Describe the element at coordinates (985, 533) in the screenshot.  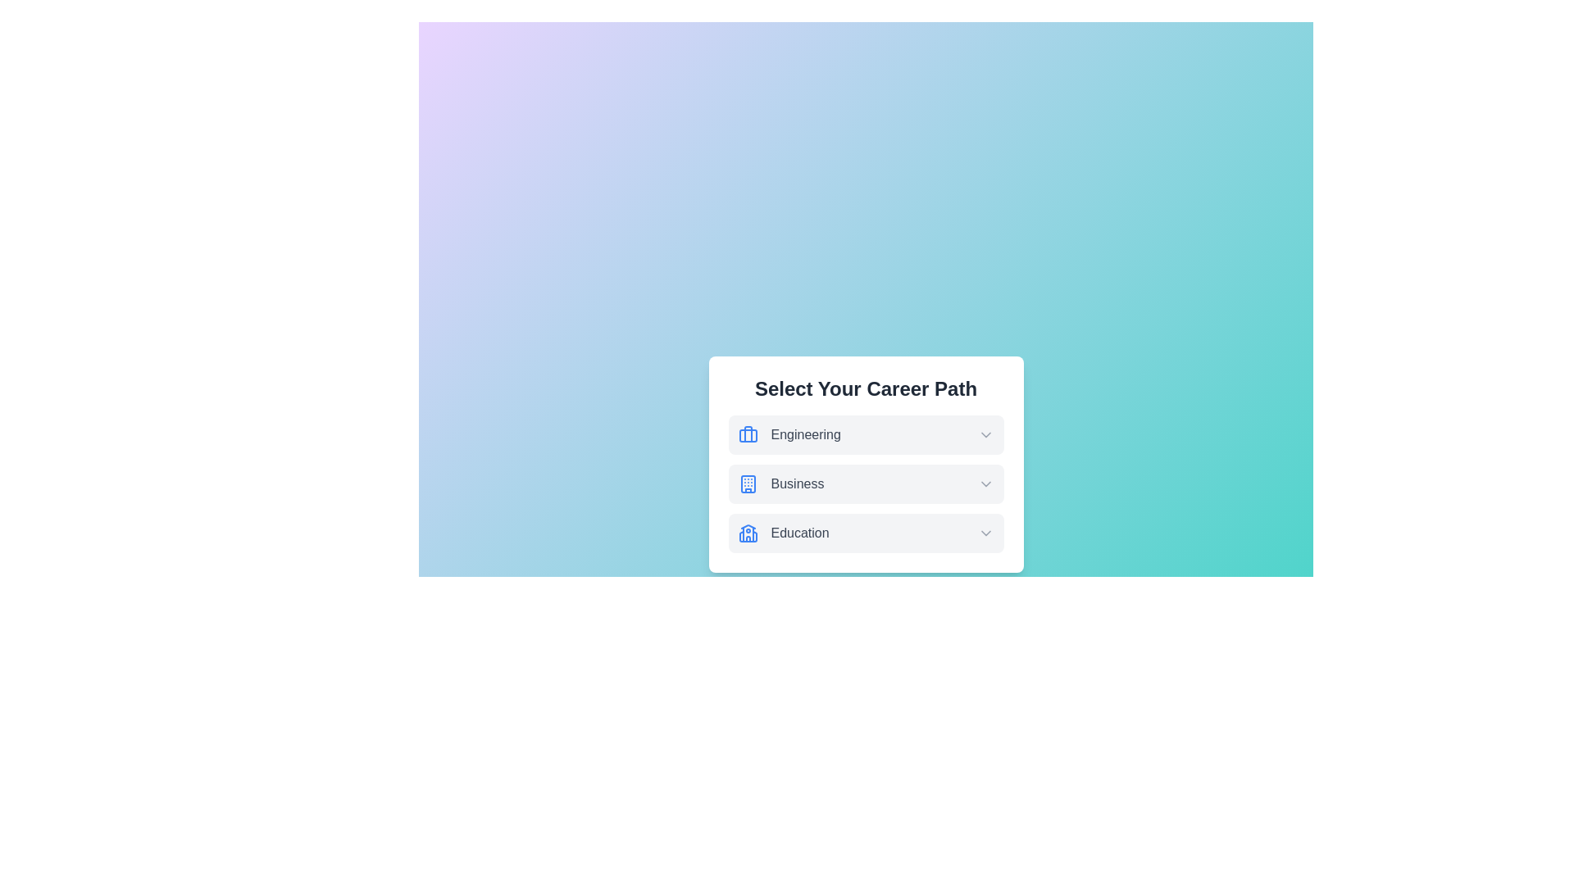
I see `dropdown arrow icon for the Education option` at that location.